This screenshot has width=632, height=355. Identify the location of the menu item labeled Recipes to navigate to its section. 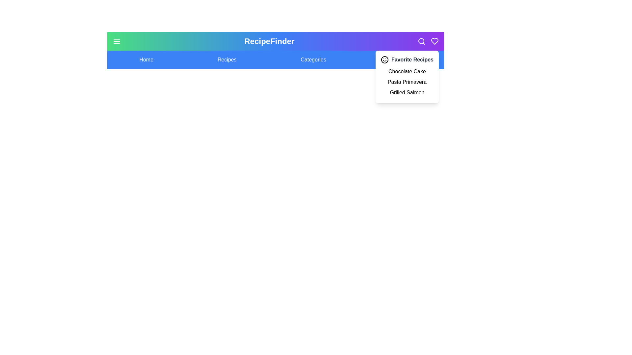
(227, 59).